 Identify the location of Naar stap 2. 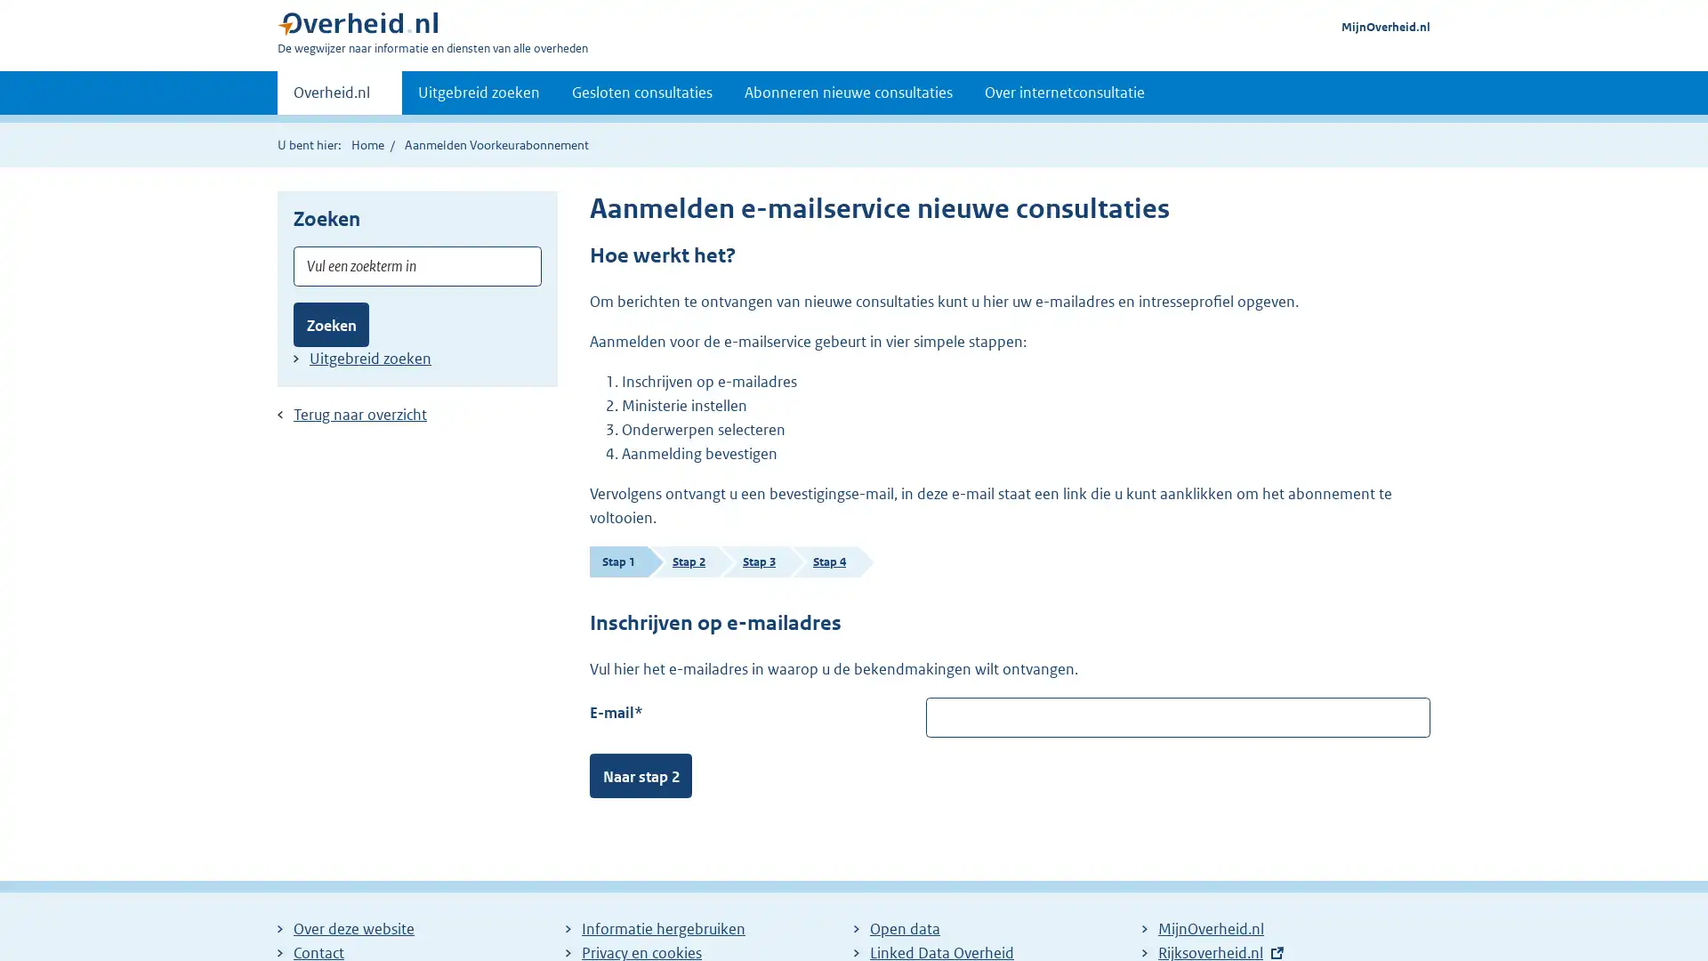
(640, 774).